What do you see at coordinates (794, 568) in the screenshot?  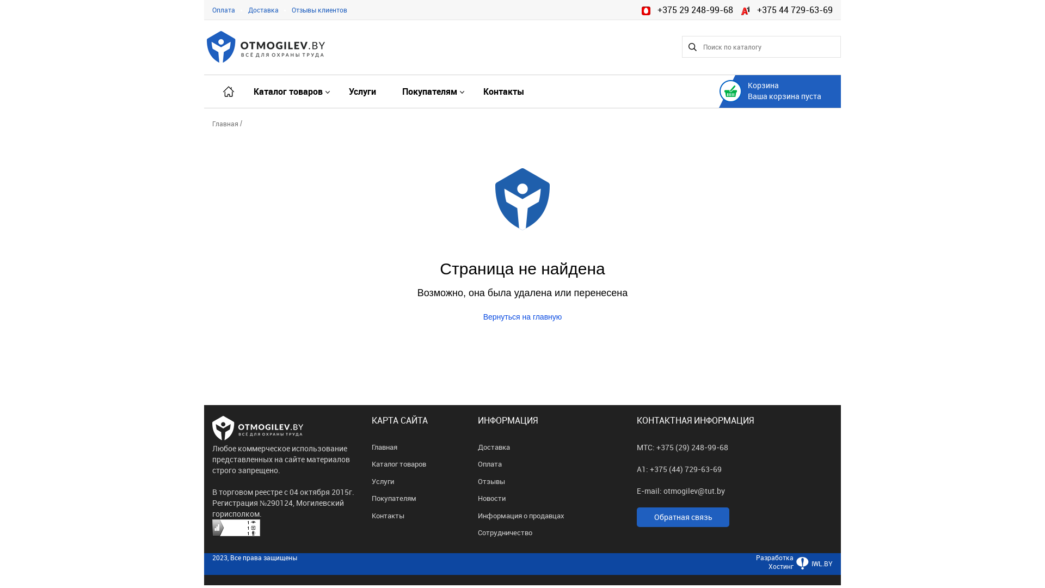 I see `'IWL.BY'` at bounding box center [794, 568].